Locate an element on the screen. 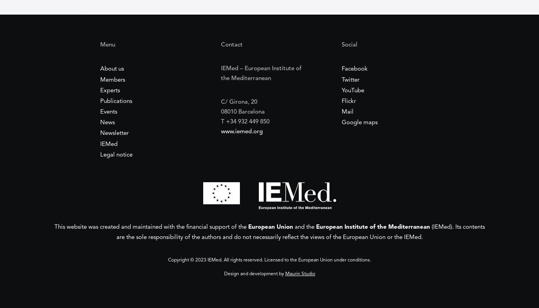 This screenshot has width=539, height=308. 'Events' is located at coordinates (108, 112).